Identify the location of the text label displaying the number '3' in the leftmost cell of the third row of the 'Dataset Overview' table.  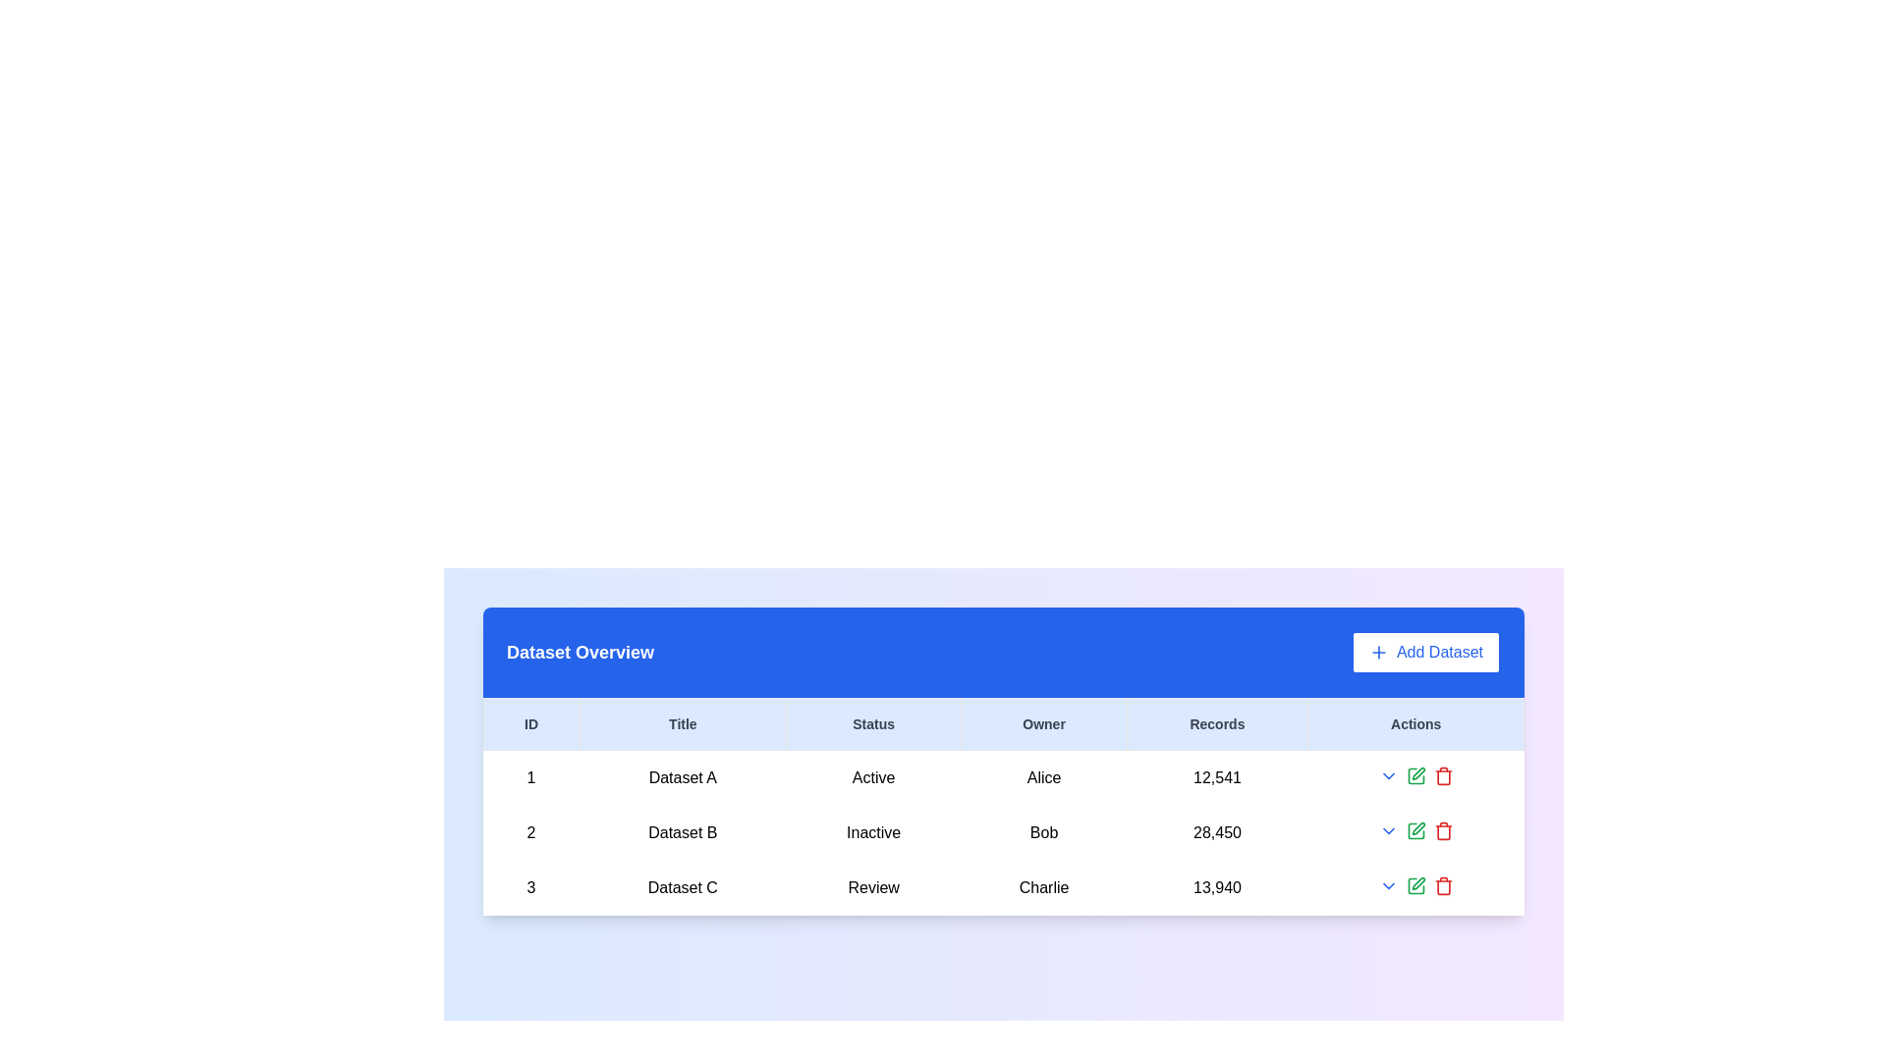
(531, 888).